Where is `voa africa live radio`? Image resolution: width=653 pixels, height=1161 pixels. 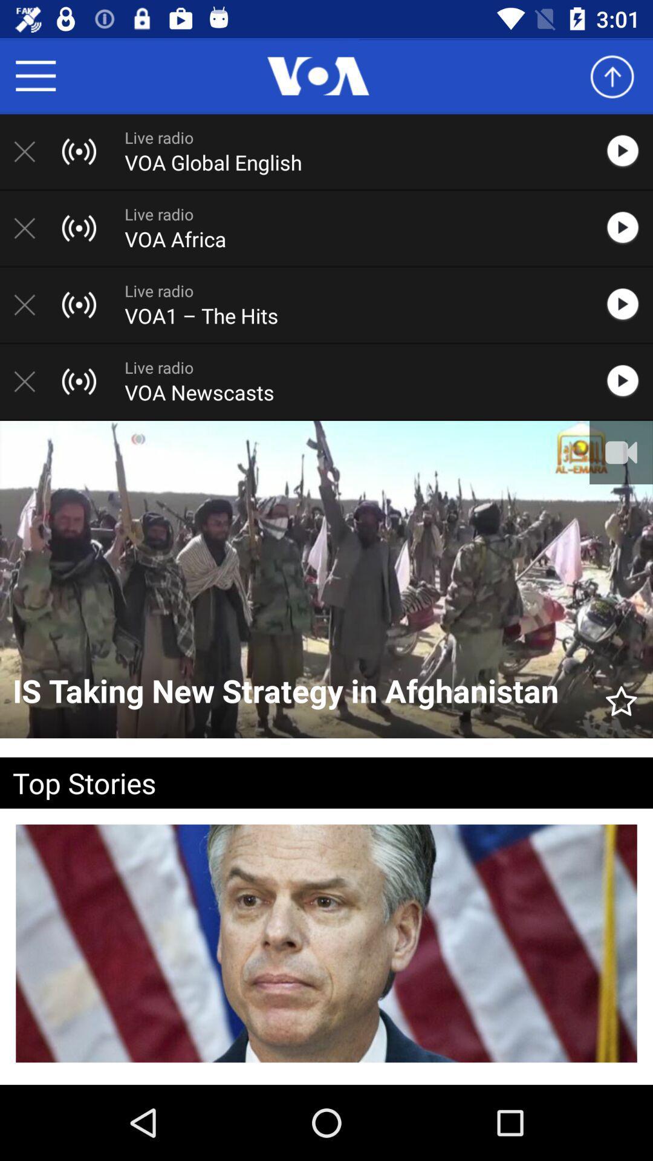 voa africa live radio is located at coordinates (628, 228).